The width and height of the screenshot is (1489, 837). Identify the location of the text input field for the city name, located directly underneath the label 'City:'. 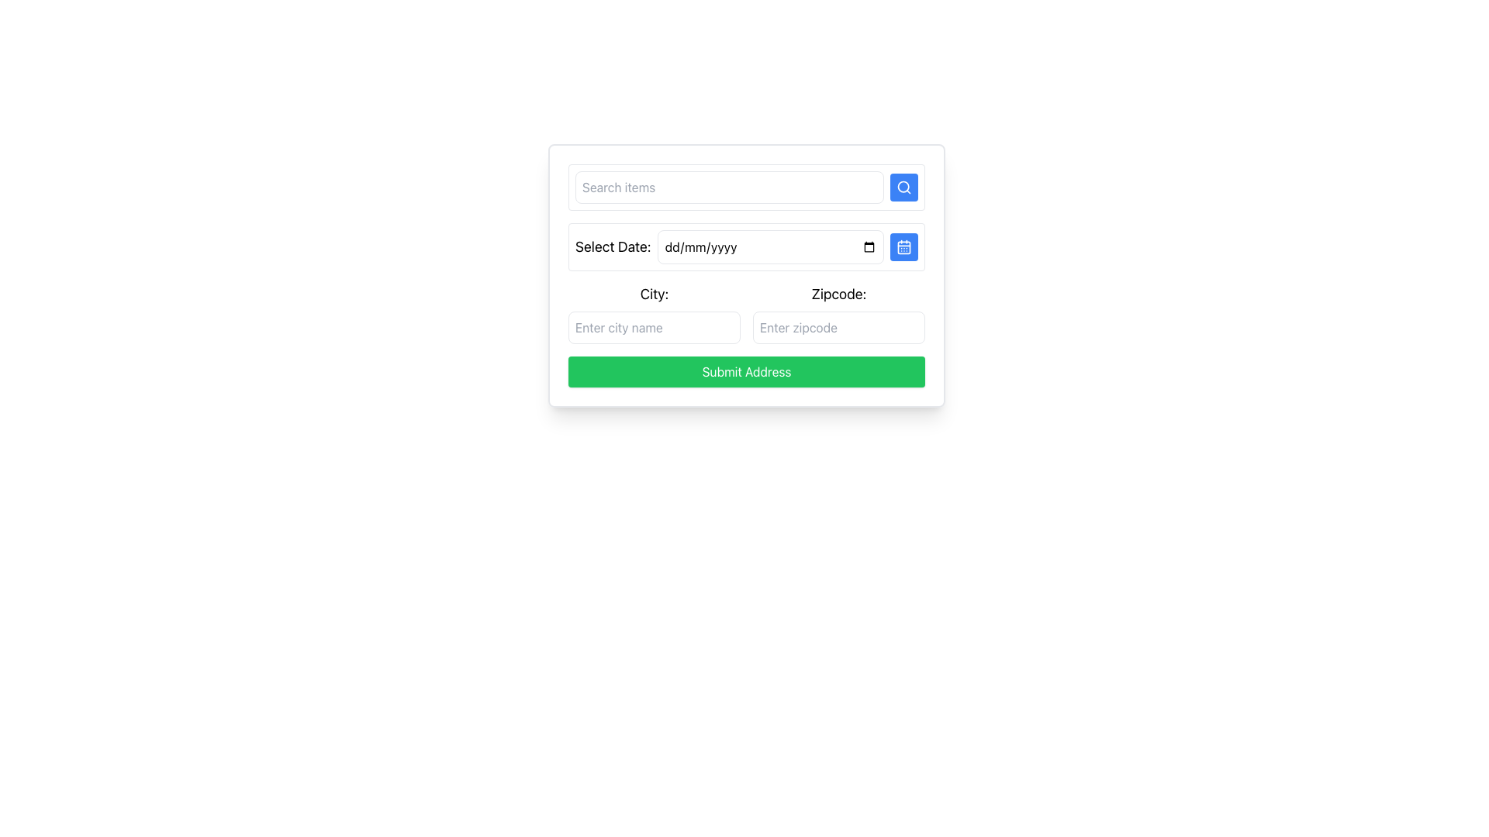
(655, 327).